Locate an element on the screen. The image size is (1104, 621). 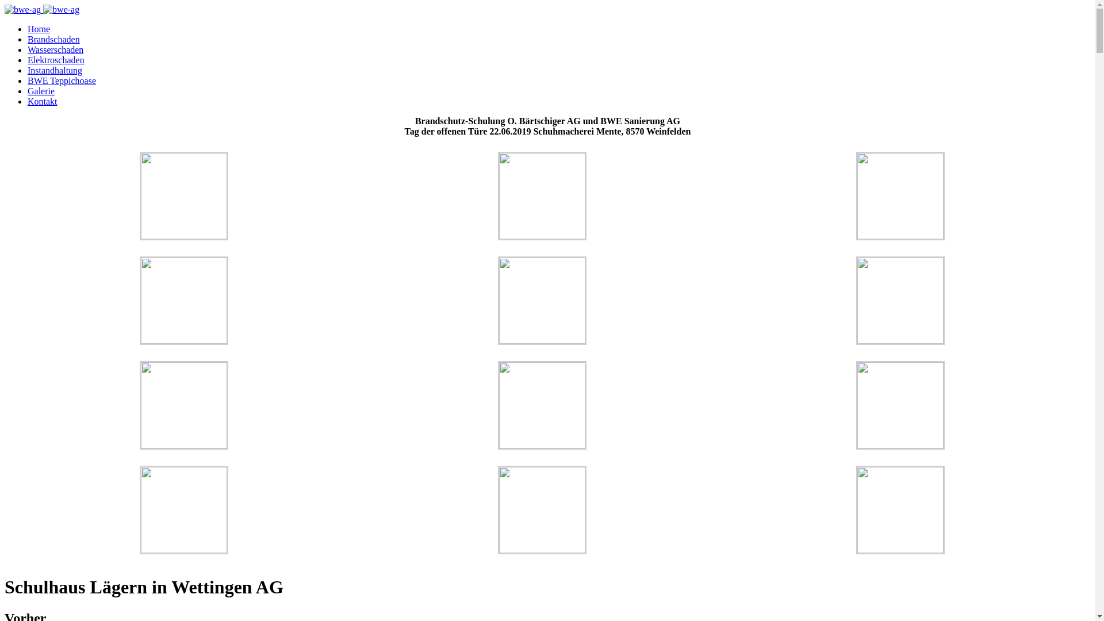
'Home' is located at coordinates (39, 28).